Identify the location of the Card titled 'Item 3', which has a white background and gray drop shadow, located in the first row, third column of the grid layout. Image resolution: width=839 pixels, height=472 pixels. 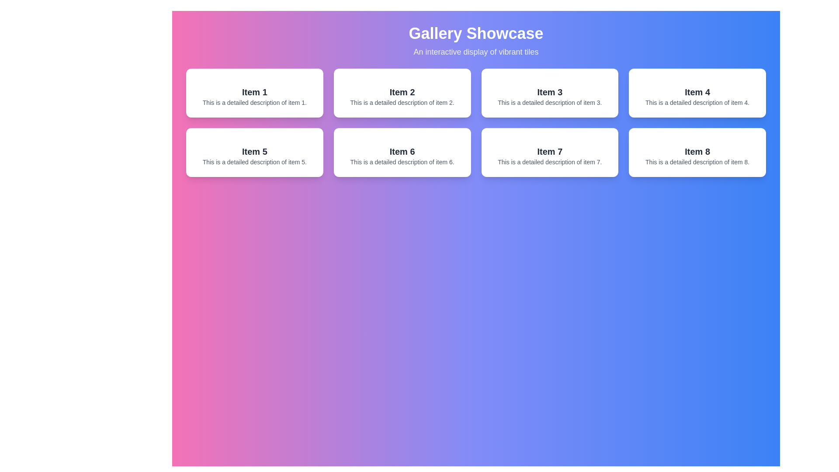
(549, 93).